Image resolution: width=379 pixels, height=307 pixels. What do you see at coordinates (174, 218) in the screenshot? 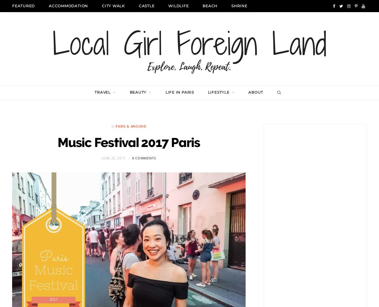
I see `'Spain'` at bounding box center [174, 218].